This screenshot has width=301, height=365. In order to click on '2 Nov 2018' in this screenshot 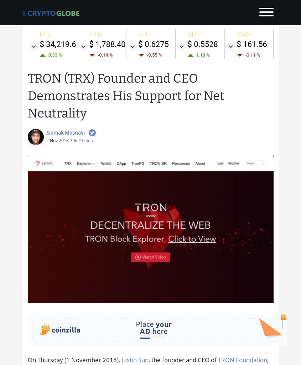, I will do `click(57, 140)`.